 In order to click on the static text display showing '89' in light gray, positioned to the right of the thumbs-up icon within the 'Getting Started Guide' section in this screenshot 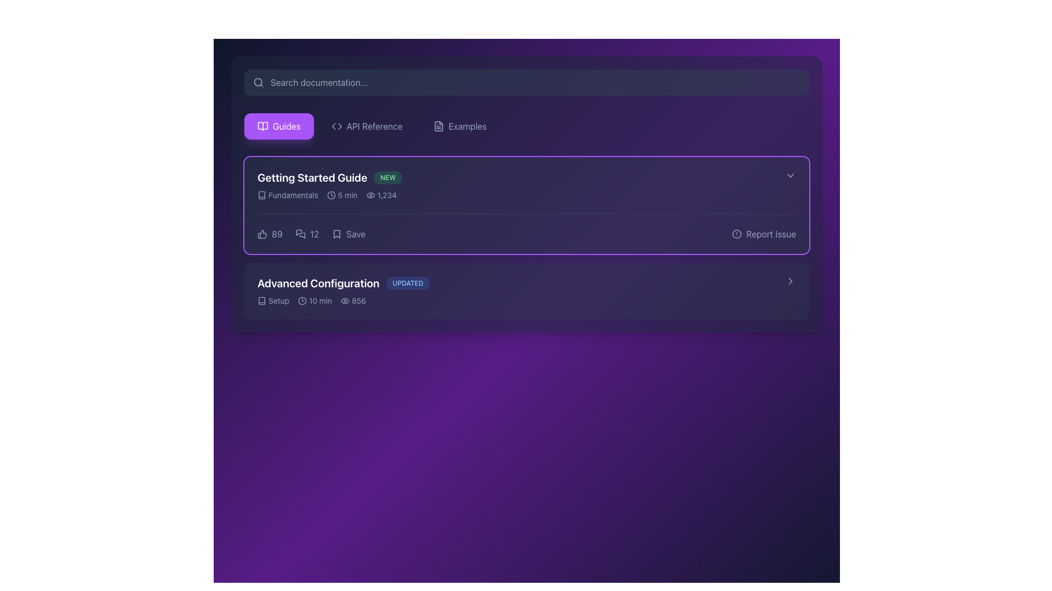, I will do `click(277, 234)`.